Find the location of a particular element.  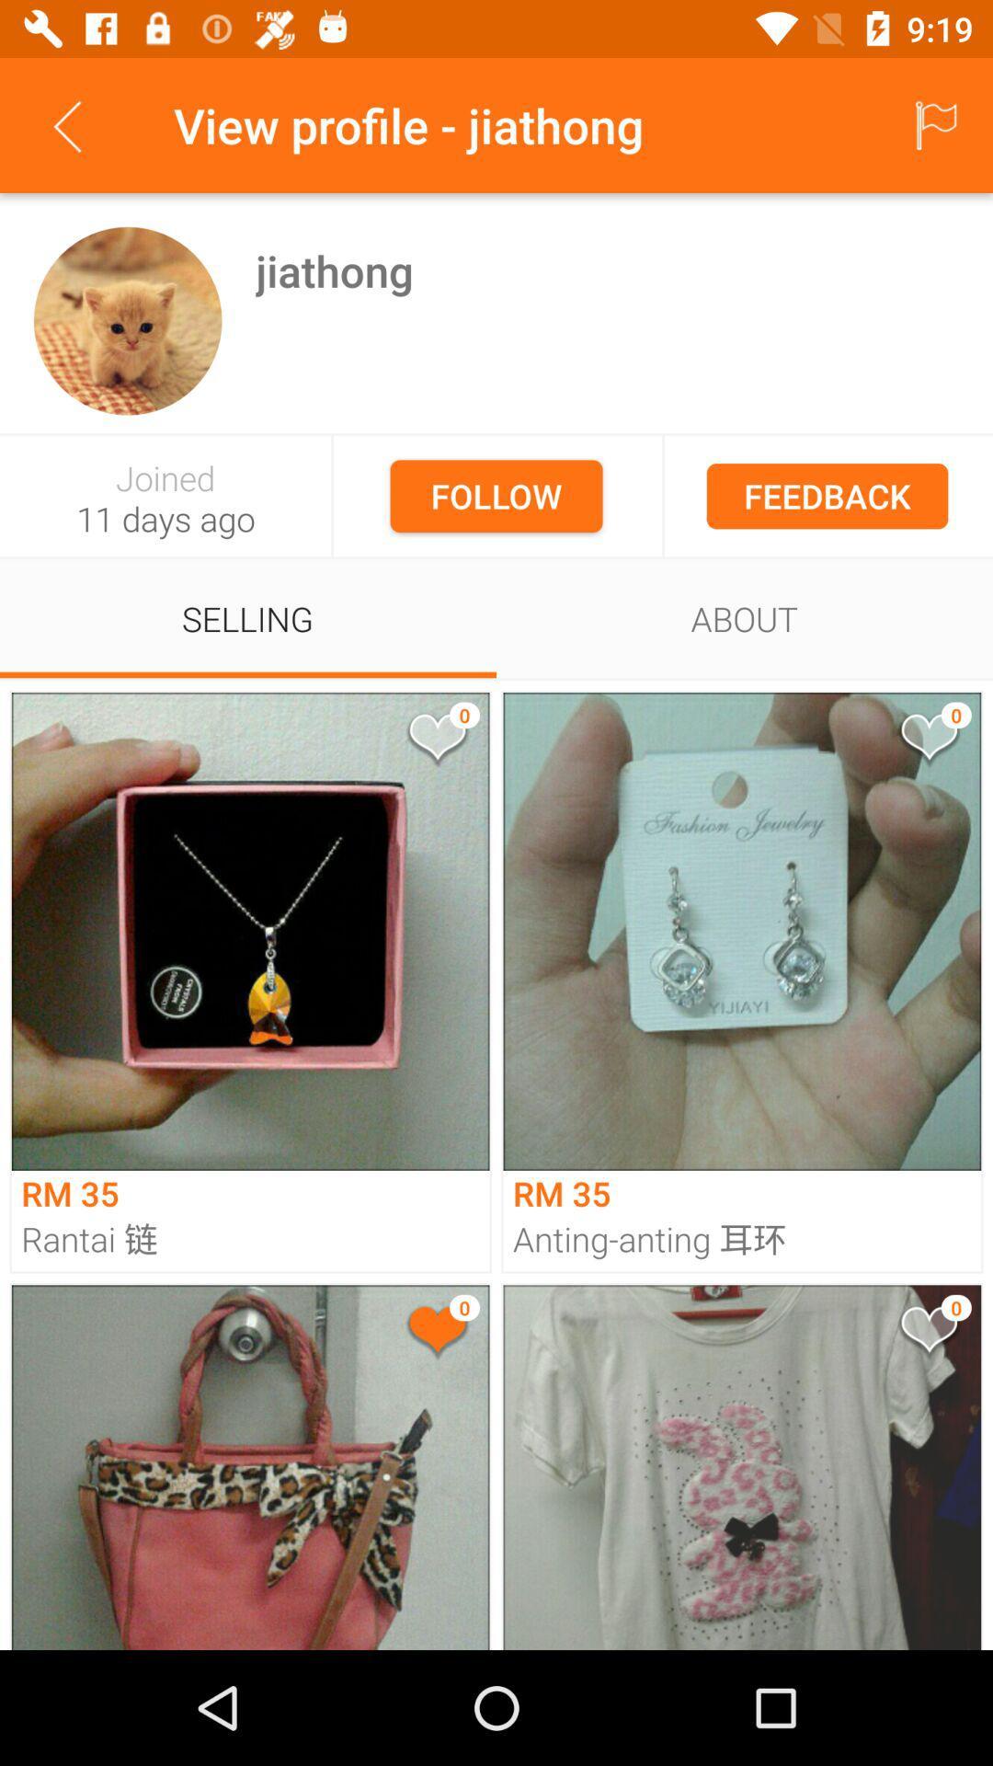

the follow is located at coordinates (496, 496).